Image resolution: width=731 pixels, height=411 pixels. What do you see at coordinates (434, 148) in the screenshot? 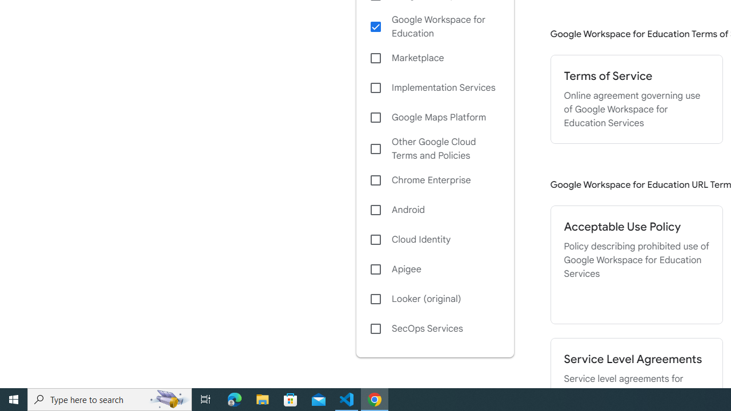
I see `'Other Google Cloud Terms and Policies'` at bounding box center [434, 148].